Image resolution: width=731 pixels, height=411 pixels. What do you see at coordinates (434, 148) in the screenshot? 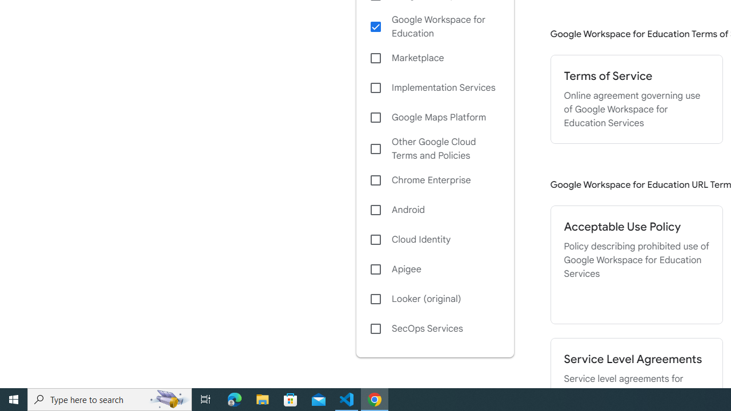
I see `'Other Google Cloud Terms and Policies'` at bounding box center [434, 148].